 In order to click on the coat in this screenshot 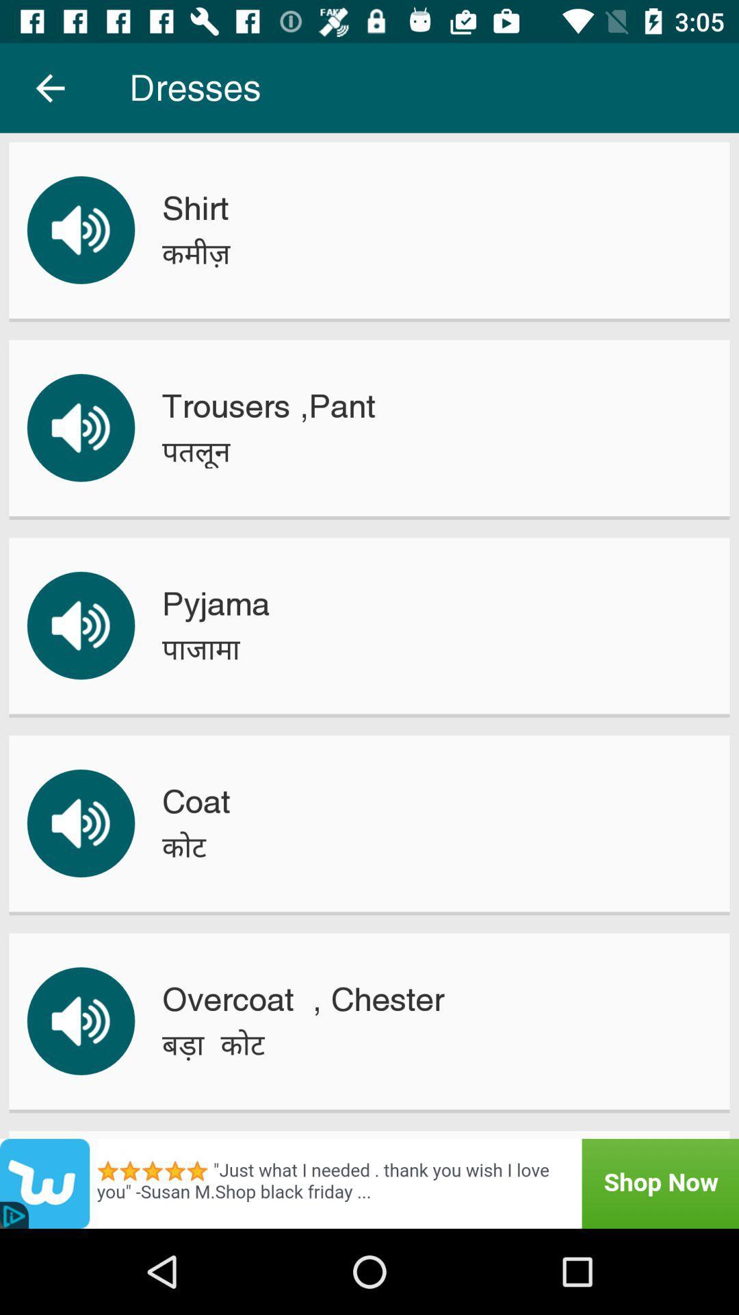, I will do `click(196, 801)`.